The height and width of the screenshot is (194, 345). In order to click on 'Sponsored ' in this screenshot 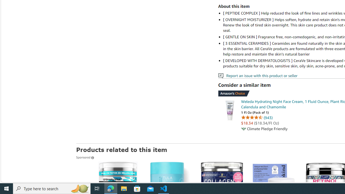, I will do `click(85, 157)`.